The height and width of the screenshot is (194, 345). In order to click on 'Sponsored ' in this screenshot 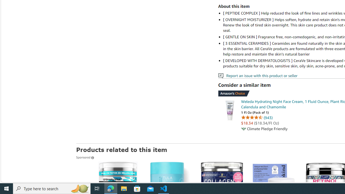, I will do `click(85, 157)`.